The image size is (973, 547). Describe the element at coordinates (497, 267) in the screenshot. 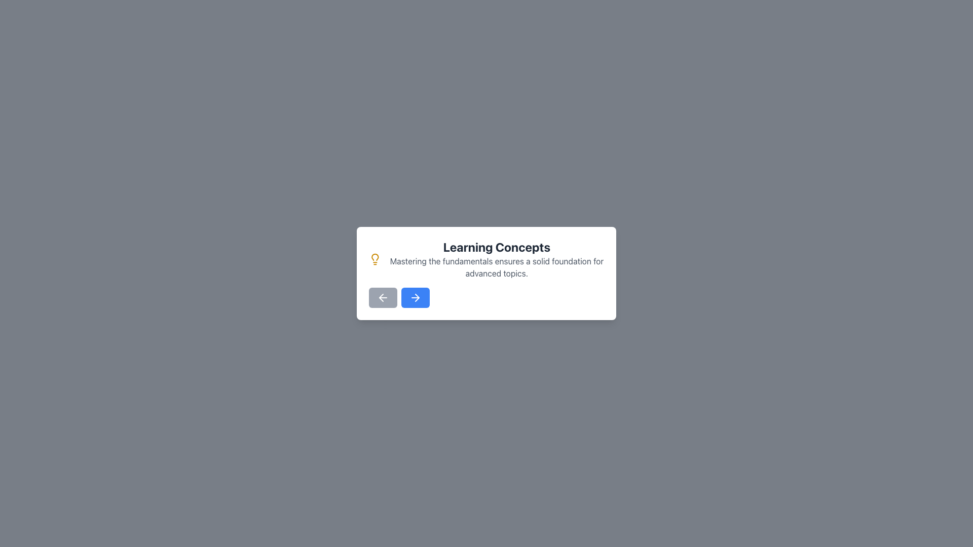

I see `the descriptive text element located directly below the 'Learning Concepts' heading, which serves as a subtitle providing additional context` at that location.